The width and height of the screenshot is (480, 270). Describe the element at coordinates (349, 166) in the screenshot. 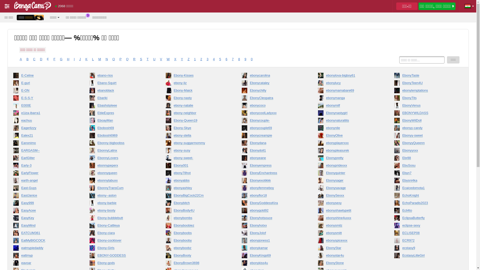

I see `'ebonypridexxx'` at that location.